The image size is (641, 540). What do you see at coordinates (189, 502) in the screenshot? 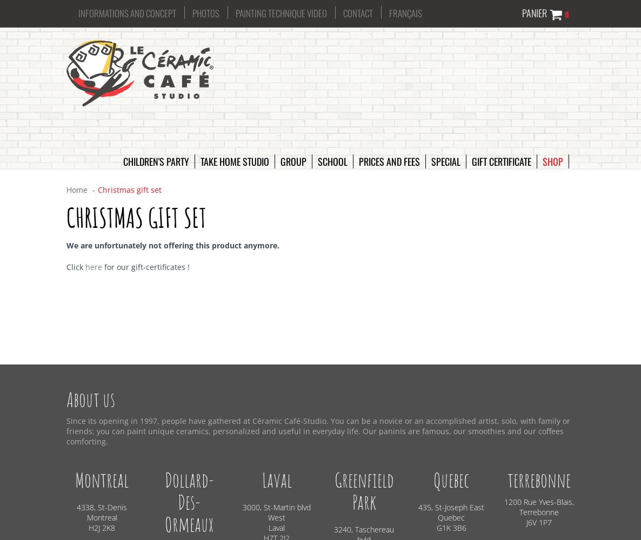
I see `'Dollard-Des-Ormeaux'` at bounding box center [189, 502].